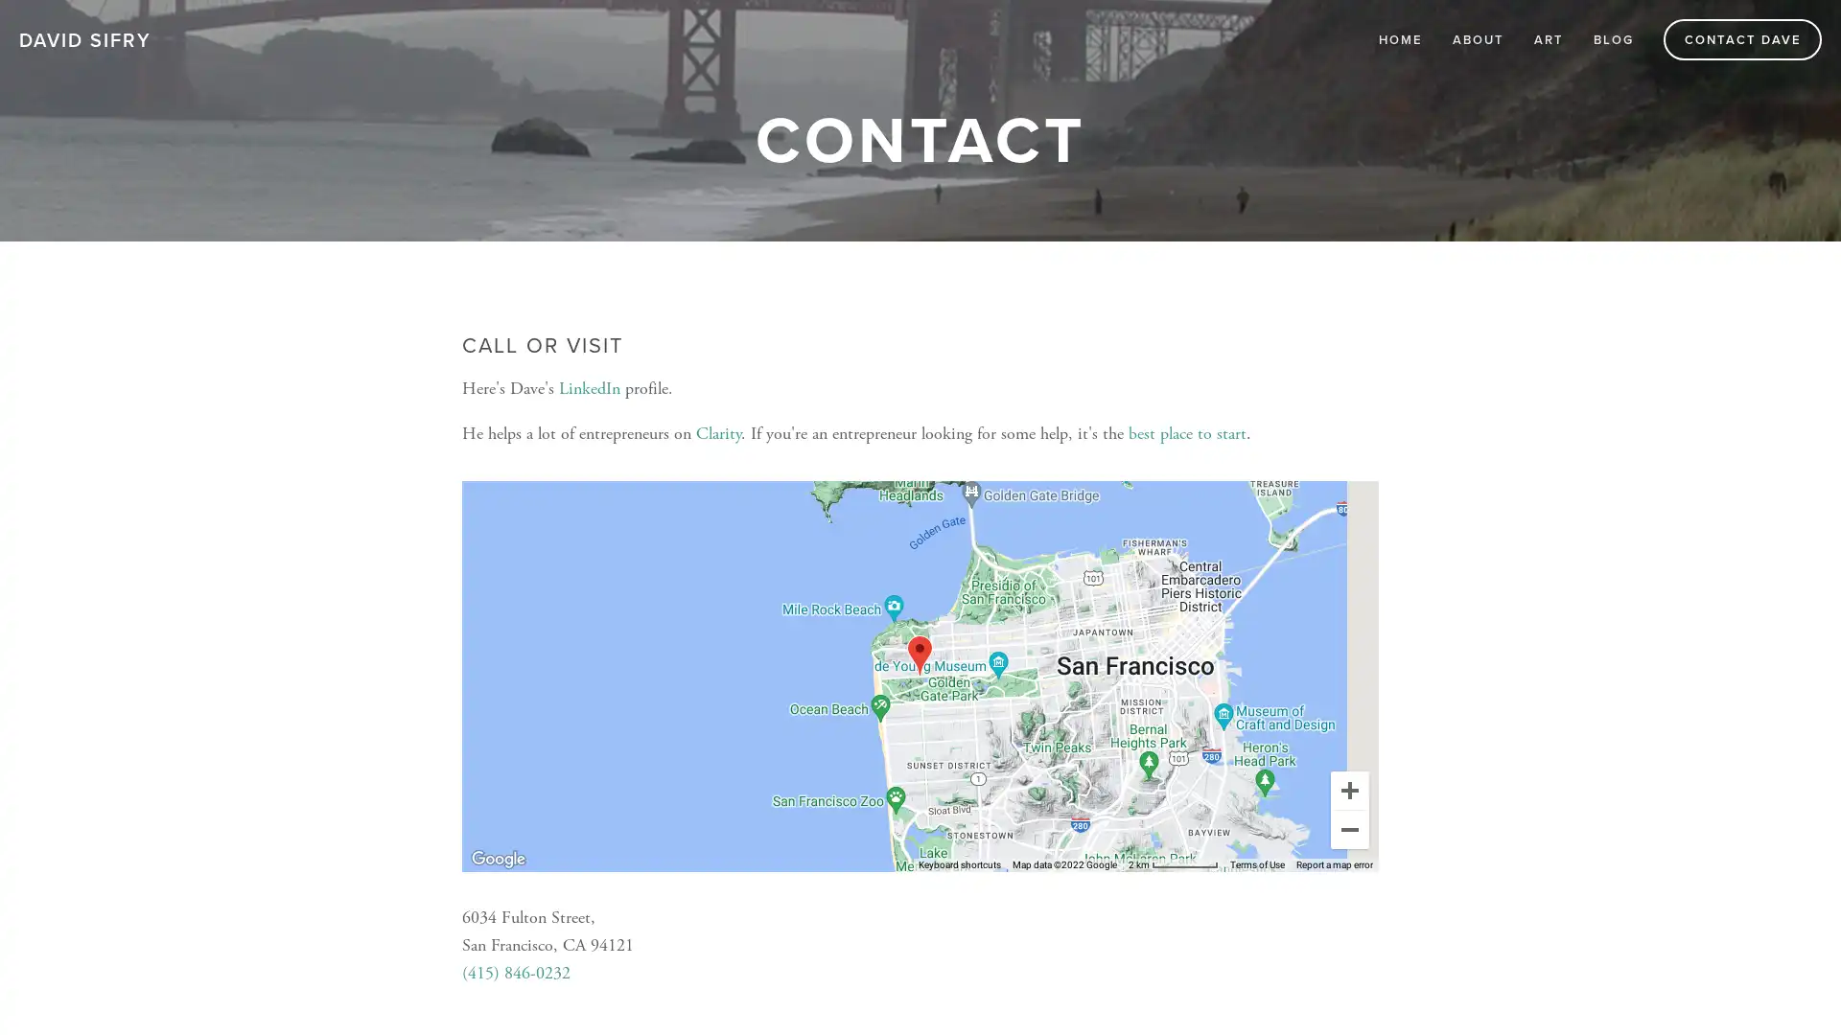 The height and width of the screenshot is (1035, 1841). Describe the element at coordinates (919, 654) in the screenshot. I see `6034 Fulton Street San Francisco, CA, 94121, United States` at that location.